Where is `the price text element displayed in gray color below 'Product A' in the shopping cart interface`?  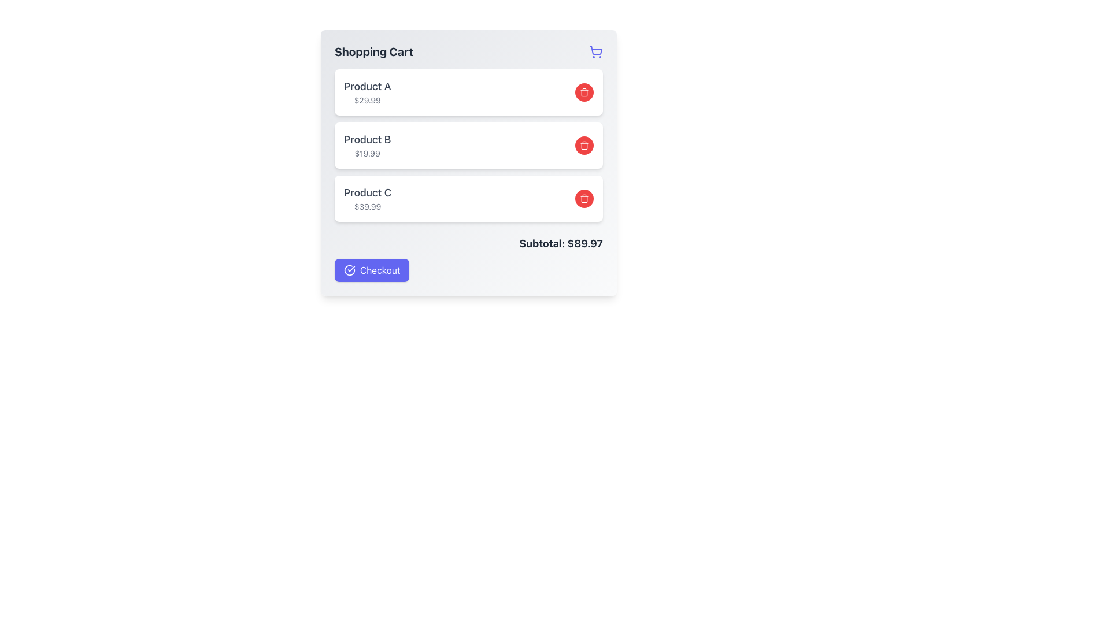 the price text element displayed in gray color below 'Product A' in the shopping cart interface is located at coordinates (367, 99).